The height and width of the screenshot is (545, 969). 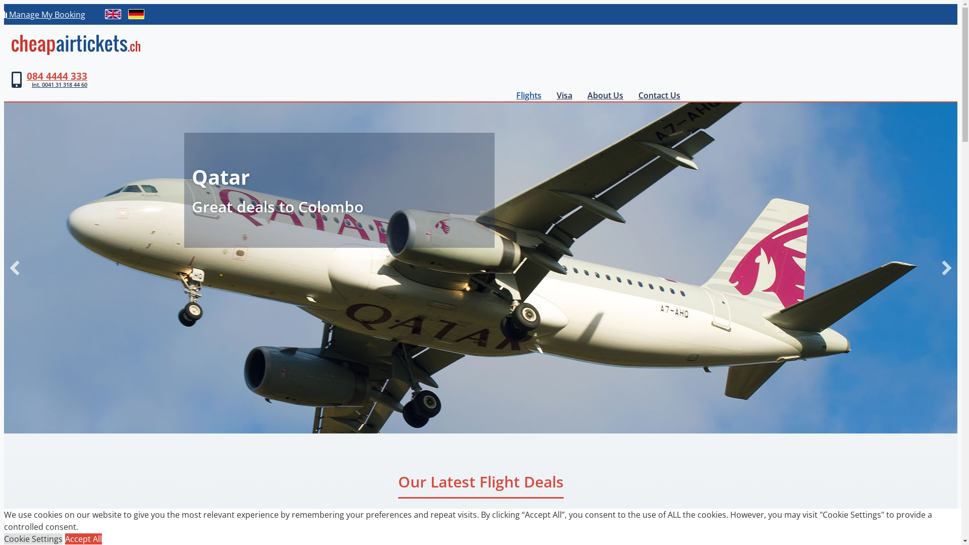 I want to click on 'About Us', so click(x=605, y=95).